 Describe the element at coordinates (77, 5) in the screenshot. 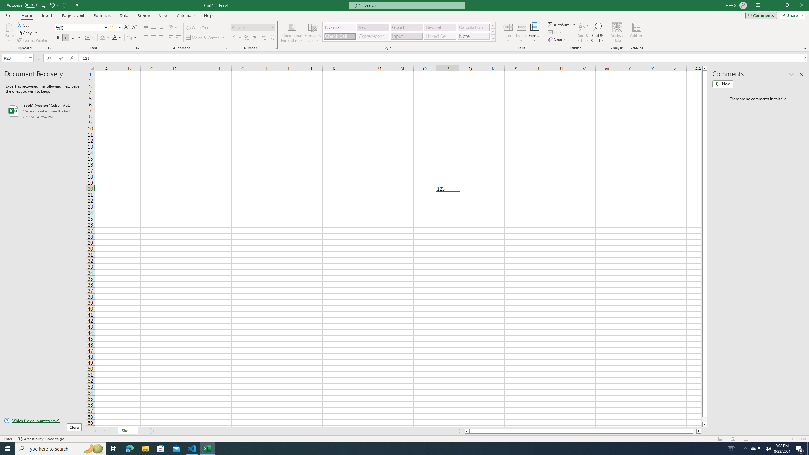

I see `'Customize Quick Access Toolbar'` at that location.